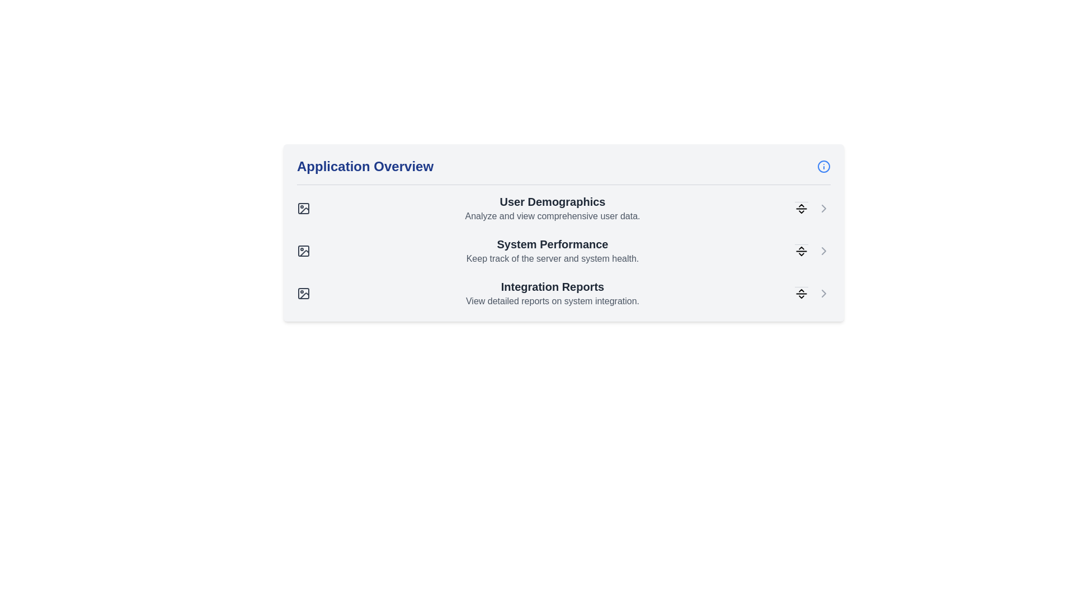 Image resolution: width=1074 pixels, height=604 pixels. Describe the element at coordinates (564, 292) in the screenshot. I see `the Informative panel related to 'Integration Reports'` at that location.